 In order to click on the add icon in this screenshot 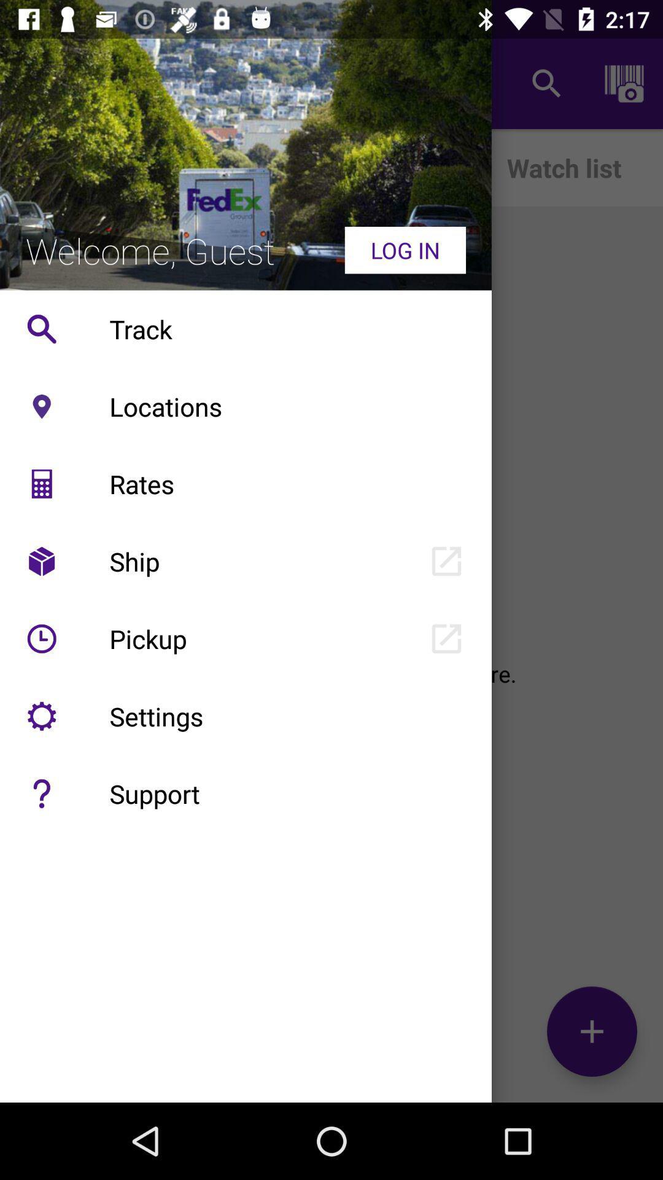, I will do `click(591, 1031)`.